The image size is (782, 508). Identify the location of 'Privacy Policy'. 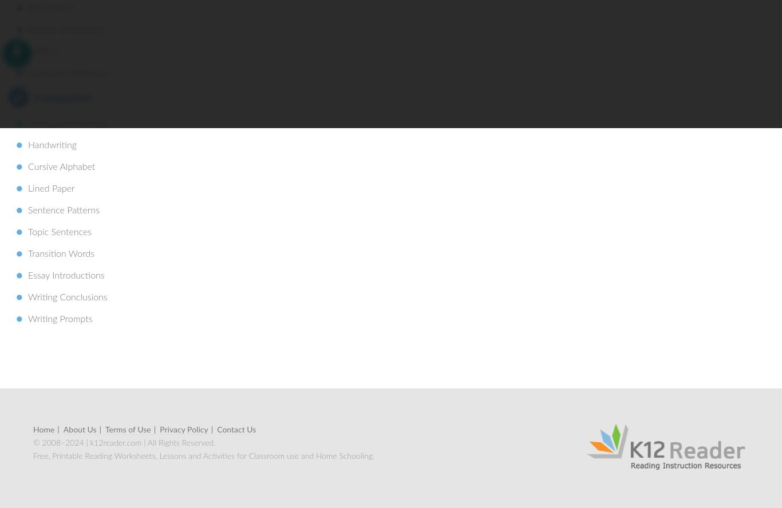
(184, 429).